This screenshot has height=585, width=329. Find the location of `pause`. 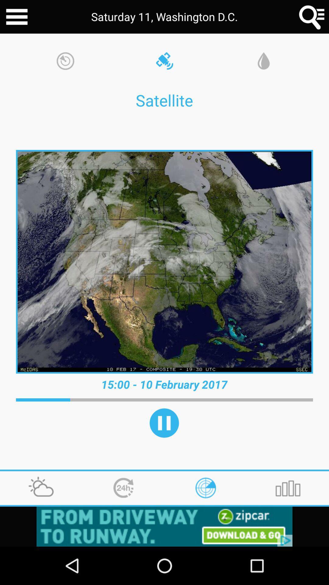

pause is located at coordinates (164, 423).